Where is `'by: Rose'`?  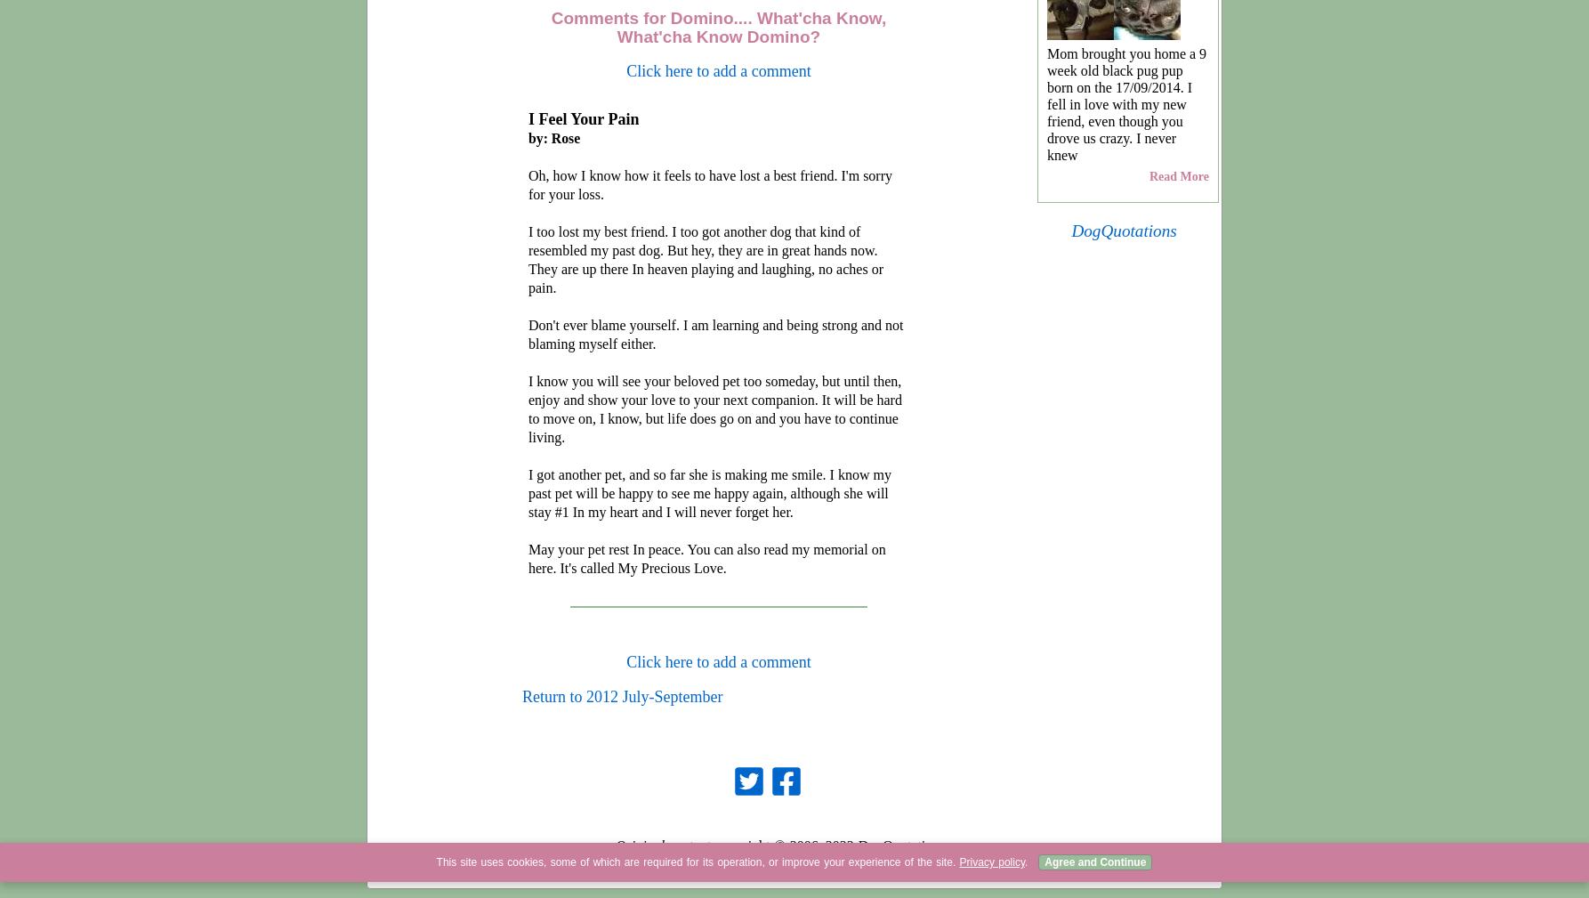
'by: Rose' is located at coordinates (553, 137).